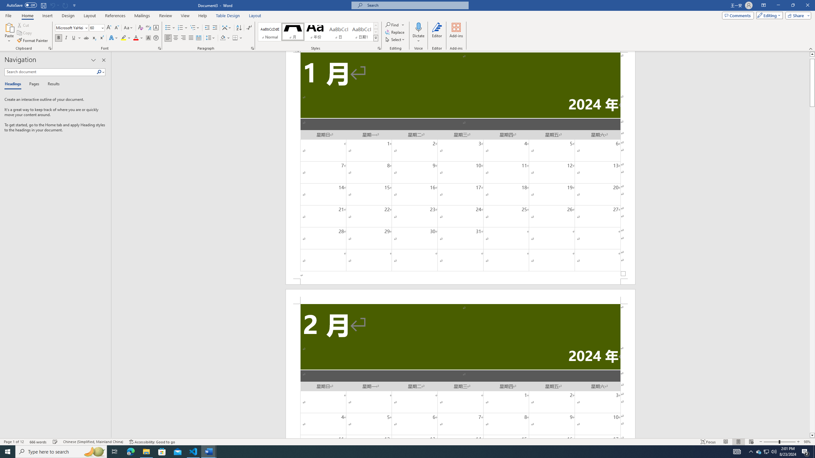 The height and width of the screenshot is (458, 815). What do you see at coordinates (812, 57) in the screenshot?
I see `'Page up'` at bounding box center [812, 57].